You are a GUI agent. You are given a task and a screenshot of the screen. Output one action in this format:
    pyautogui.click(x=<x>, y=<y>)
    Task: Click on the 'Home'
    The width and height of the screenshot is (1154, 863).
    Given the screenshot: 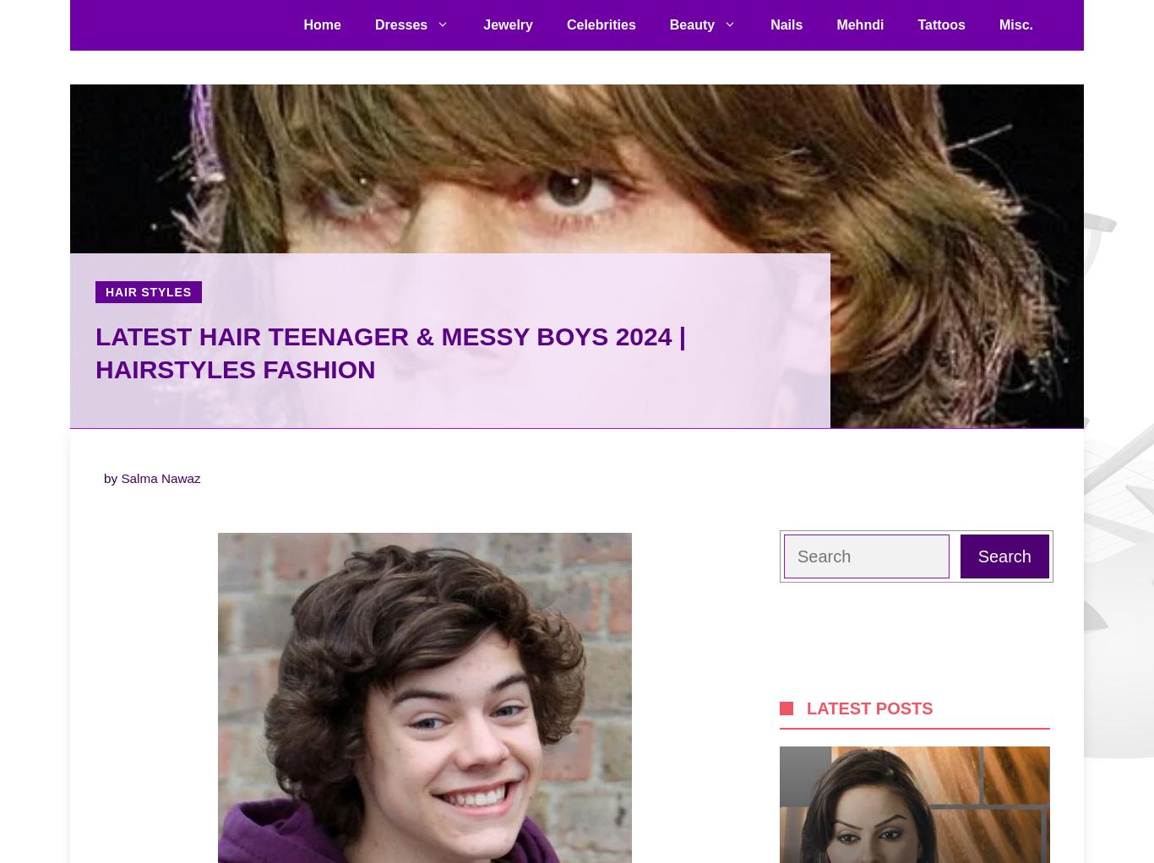 What is the action you would take?
    pyautogui.click(x=320, y=24)
    